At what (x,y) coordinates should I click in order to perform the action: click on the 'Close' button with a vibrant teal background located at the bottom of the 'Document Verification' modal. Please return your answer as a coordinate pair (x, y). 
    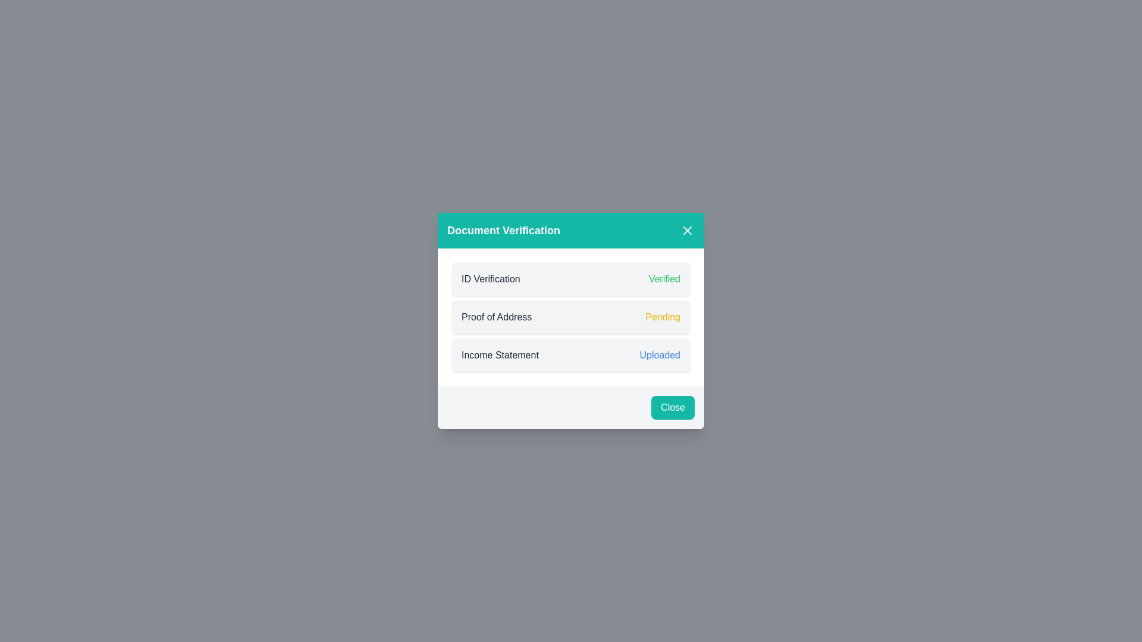
    Looking at the image, I should click on (673, 407).